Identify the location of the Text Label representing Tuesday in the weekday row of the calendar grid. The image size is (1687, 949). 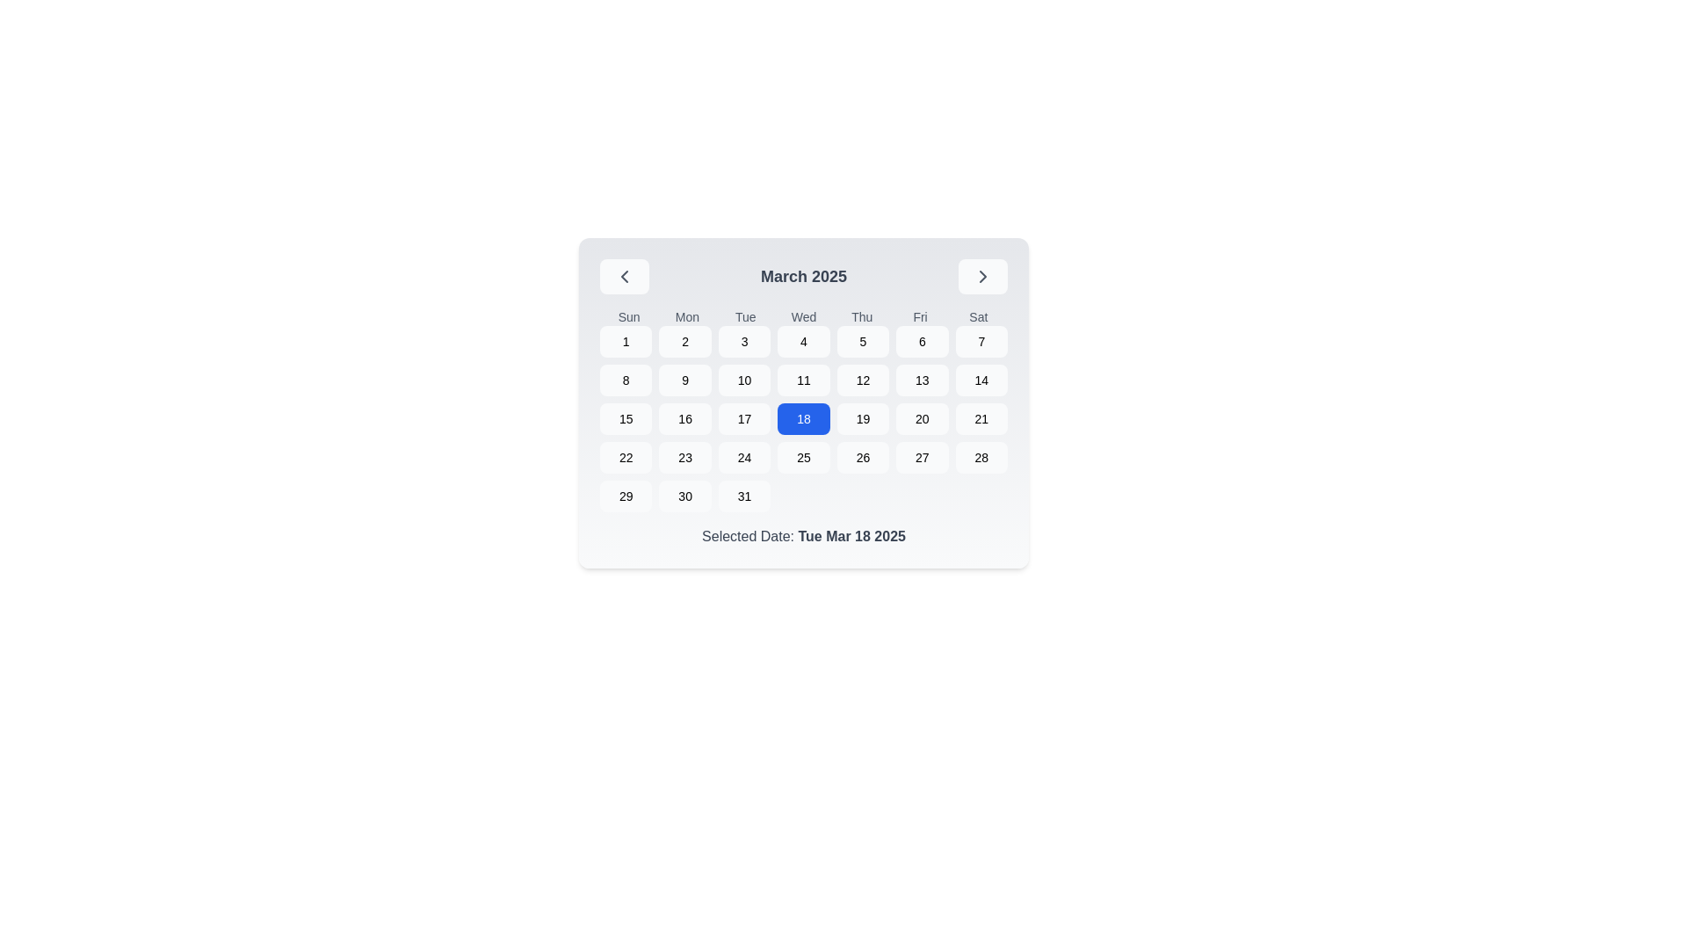
(745, 317).